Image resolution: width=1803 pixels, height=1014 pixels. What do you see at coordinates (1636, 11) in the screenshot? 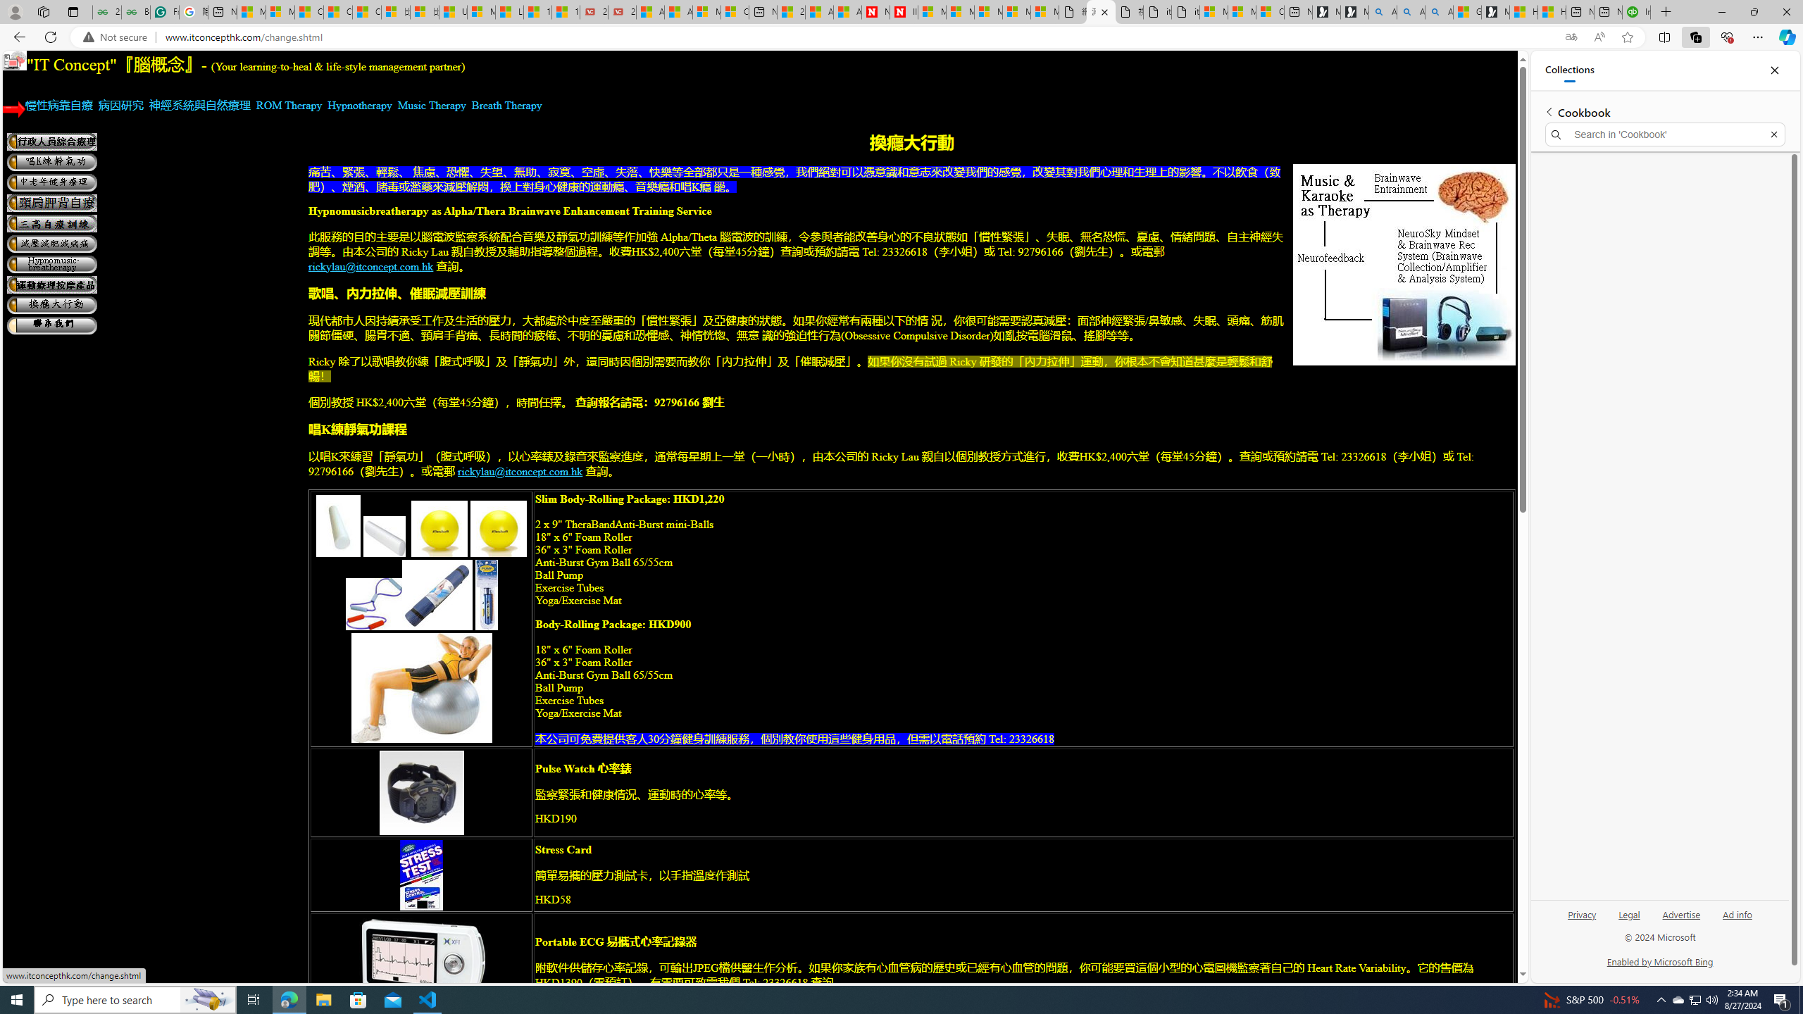
I see `'Intuit QuickBooks Online - Quickbooks'` at bounding box center [1636, 11].